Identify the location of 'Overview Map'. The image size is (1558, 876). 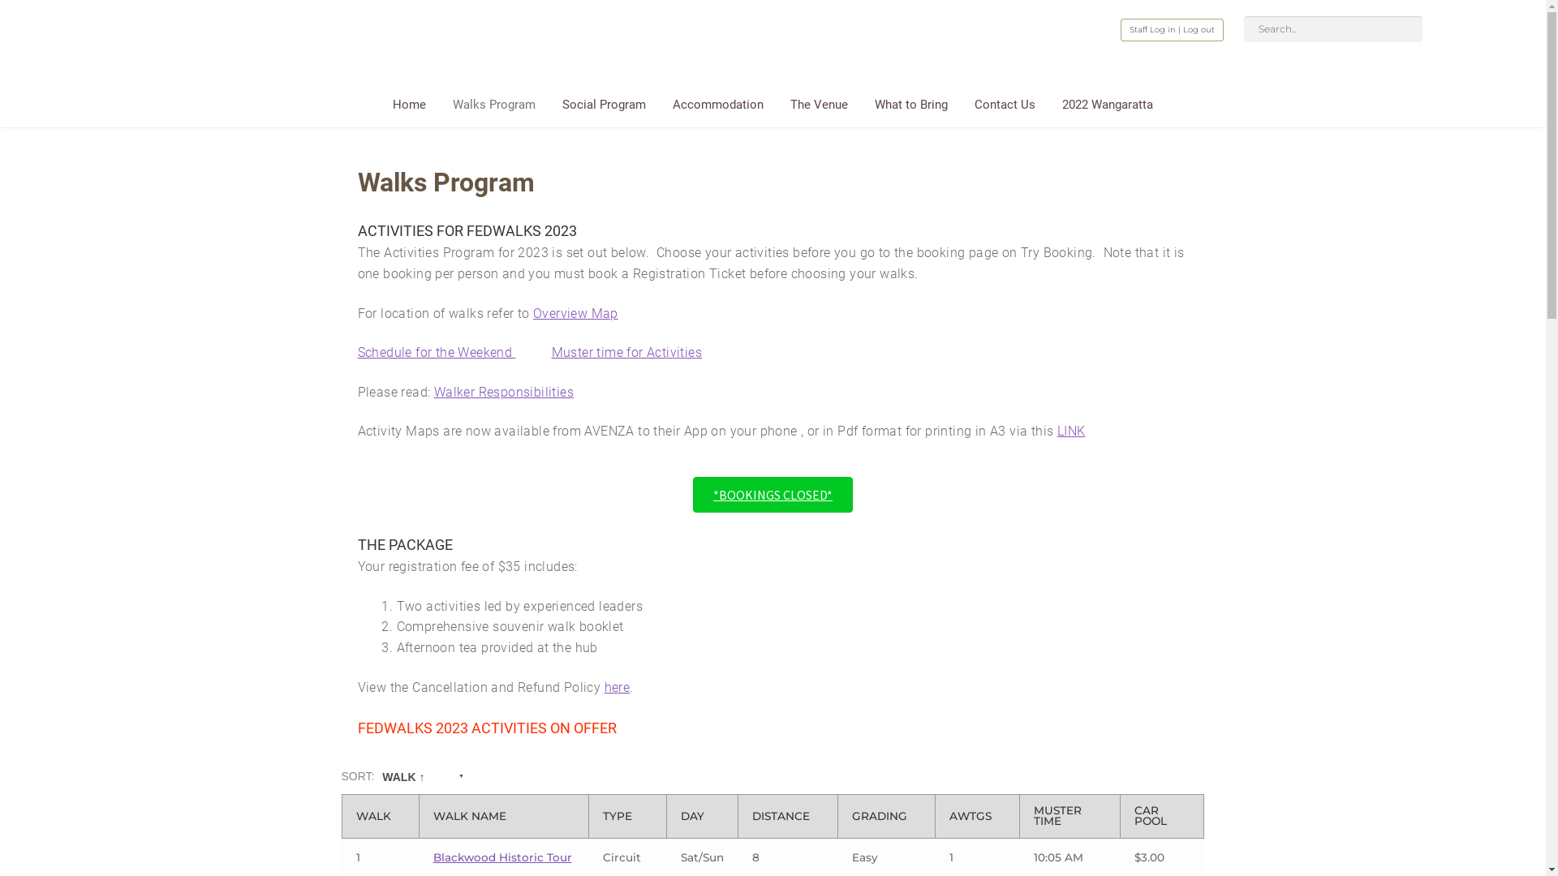
(533, 313).